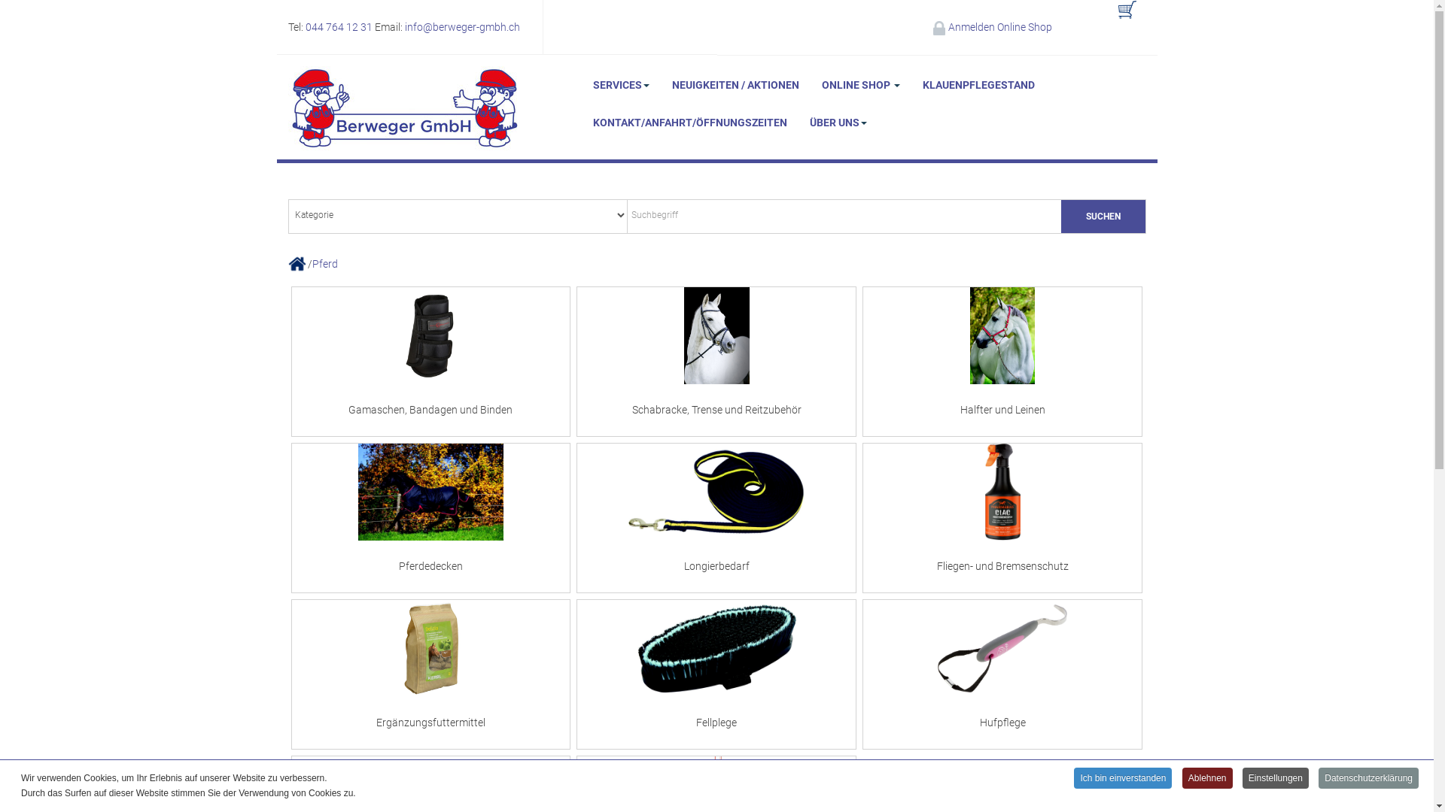  I want to click on 'SERVICES', so click(620, 84).